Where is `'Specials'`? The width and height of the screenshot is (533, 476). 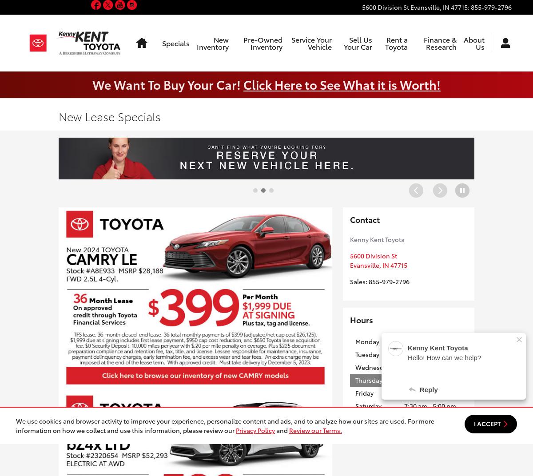 'Specials' is located at coordinates (176, 43).